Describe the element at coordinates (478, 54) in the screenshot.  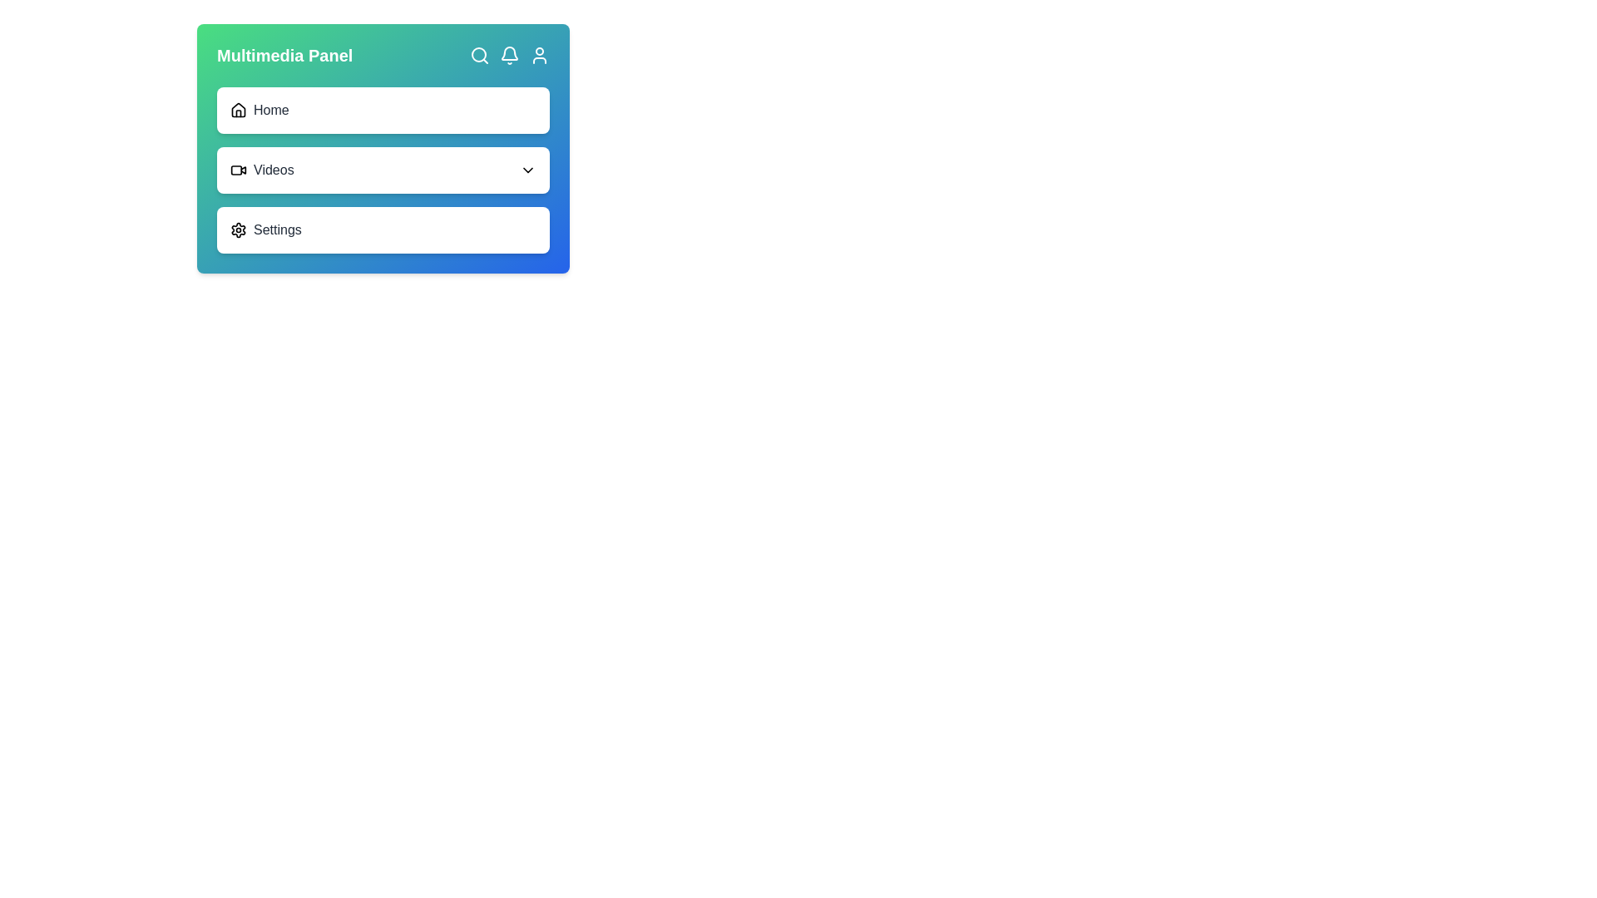
I see `the search icon button located in the top-right section of the interface, next to the bell icon` at that location.